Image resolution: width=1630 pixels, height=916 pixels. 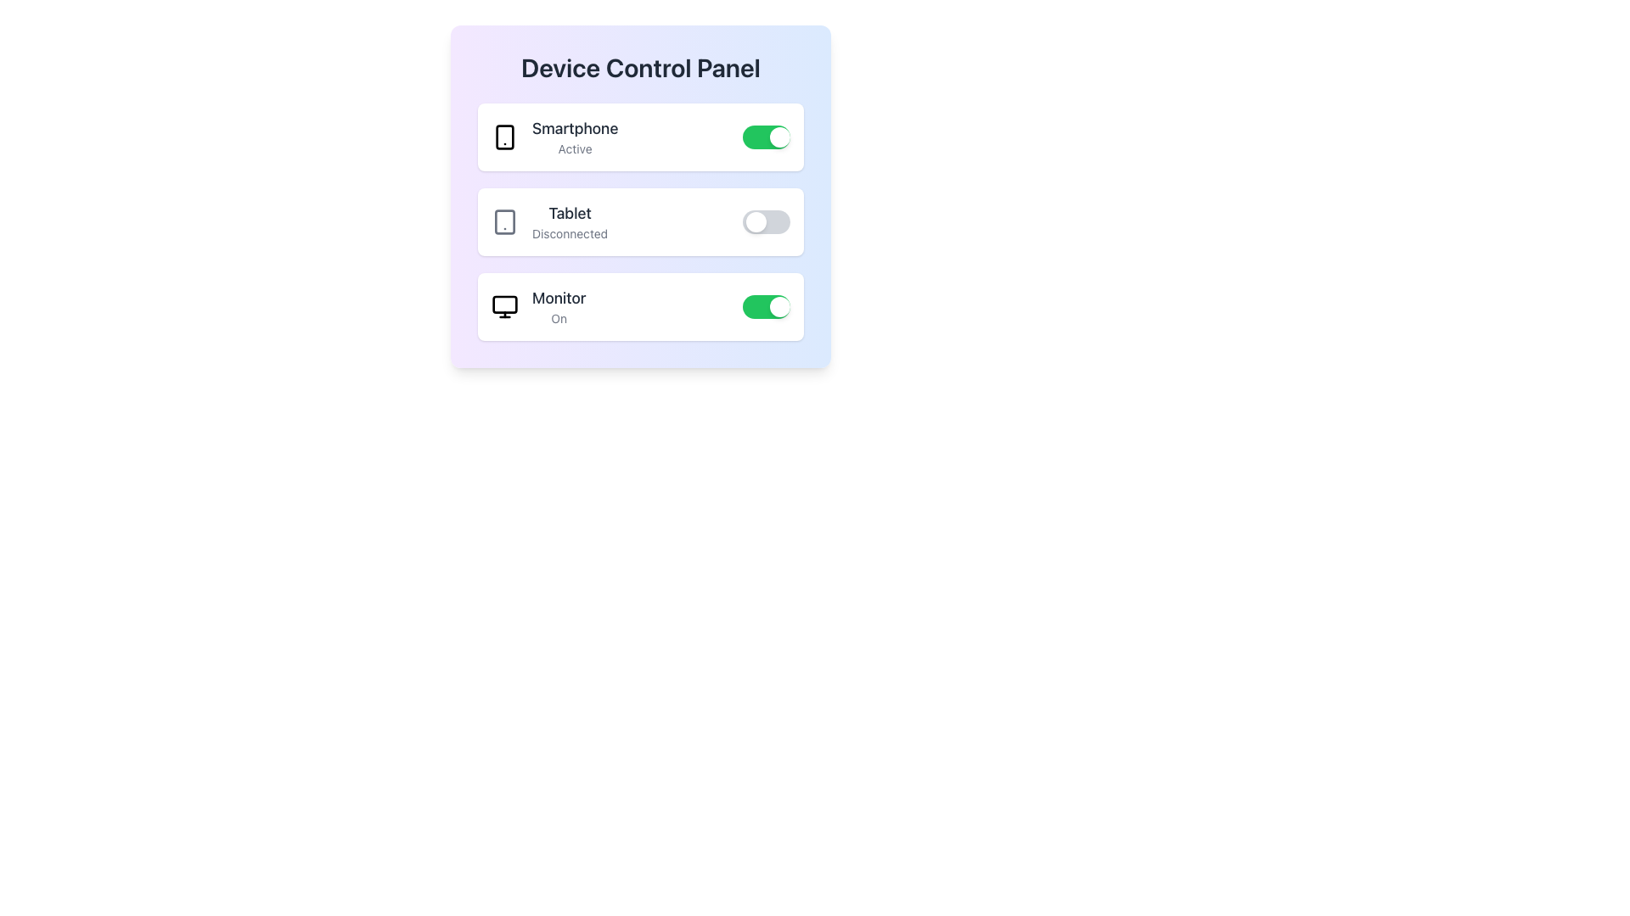 What do you see at coordinates (504, 307) in the screenshot?
I see `the monitor icon in the Device Control Panel` at bounding box center [504, 307].